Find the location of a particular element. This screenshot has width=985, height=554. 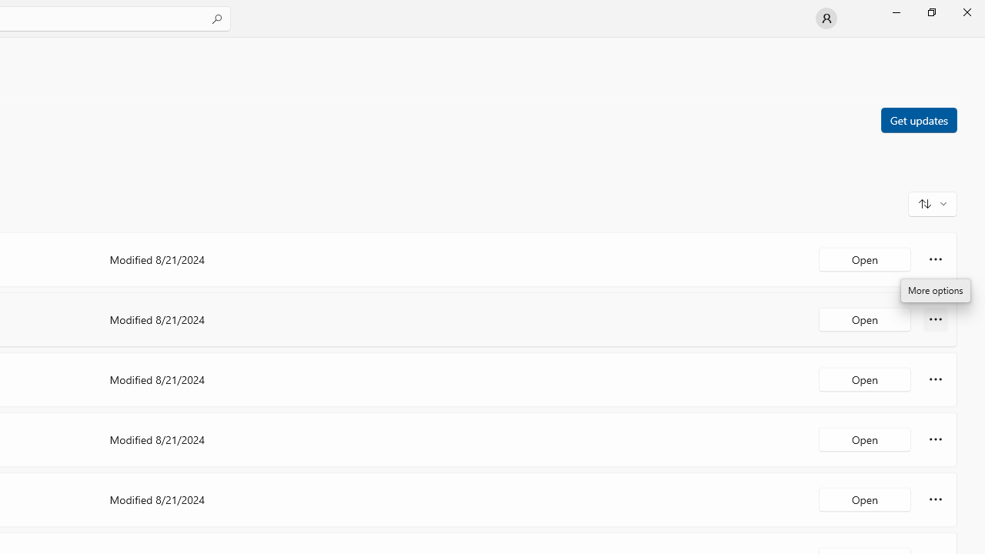

'Restore Microsoft Store' is located at coordinates (930, 12).